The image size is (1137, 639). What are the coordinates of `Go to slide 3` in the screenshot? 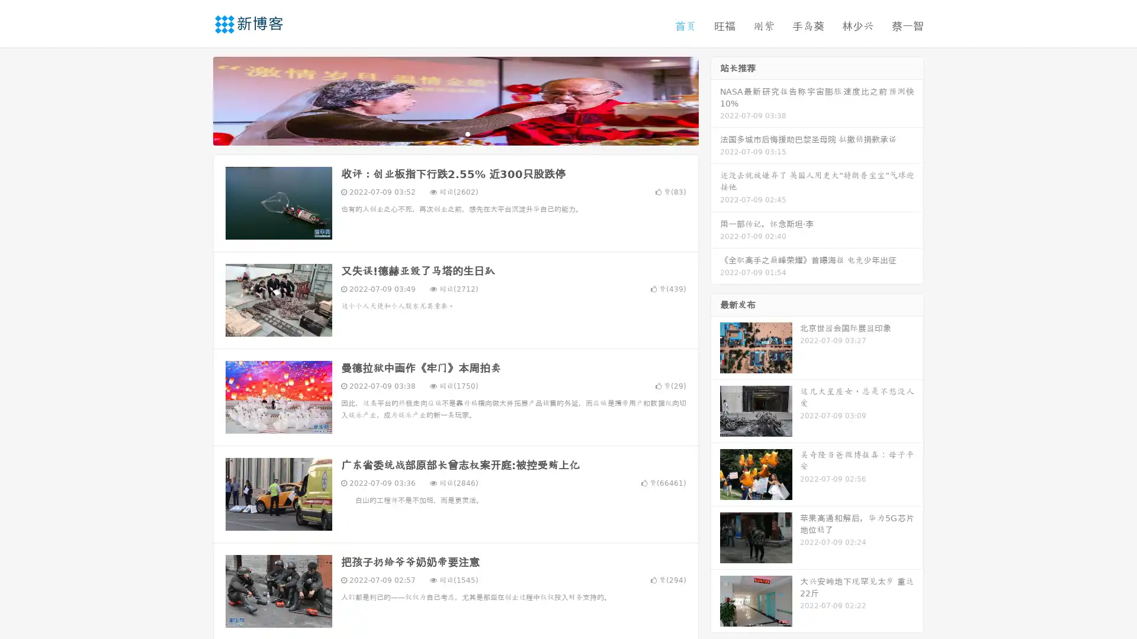 It's located at (467, 133).